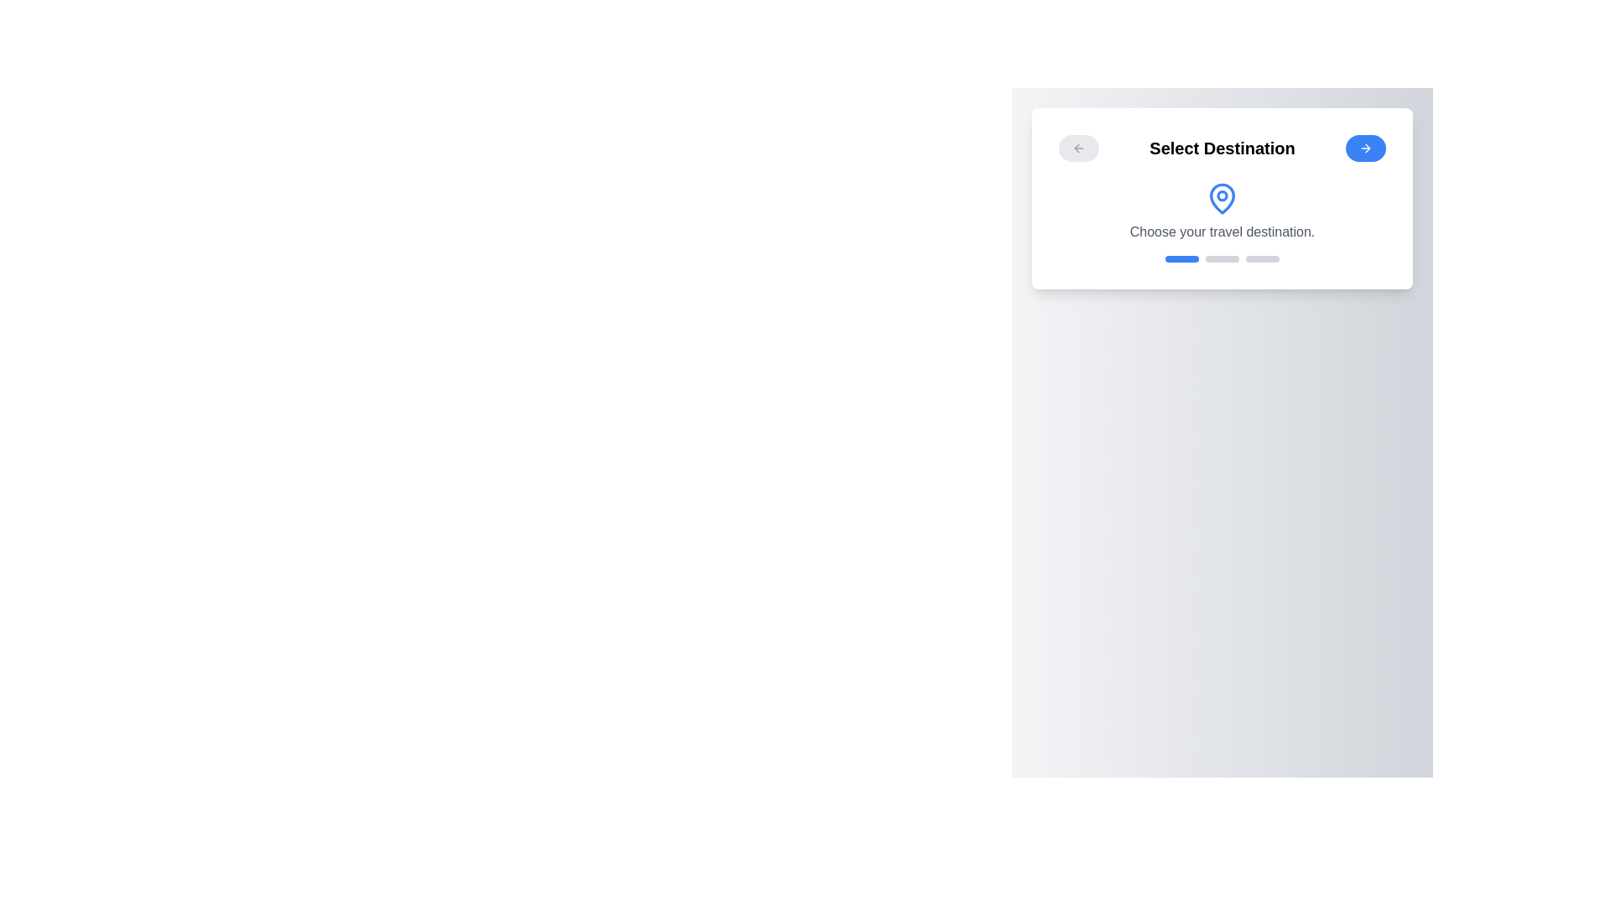 This screenshot has width=1611, height=906. Describe the element at coordinates (1368, 148) in the screenshot. I see `the right-arrow icon located in the top-right section of the interface, which is part of a rounded button with a blue background in the card component titled 'Select Destination'` at that location.